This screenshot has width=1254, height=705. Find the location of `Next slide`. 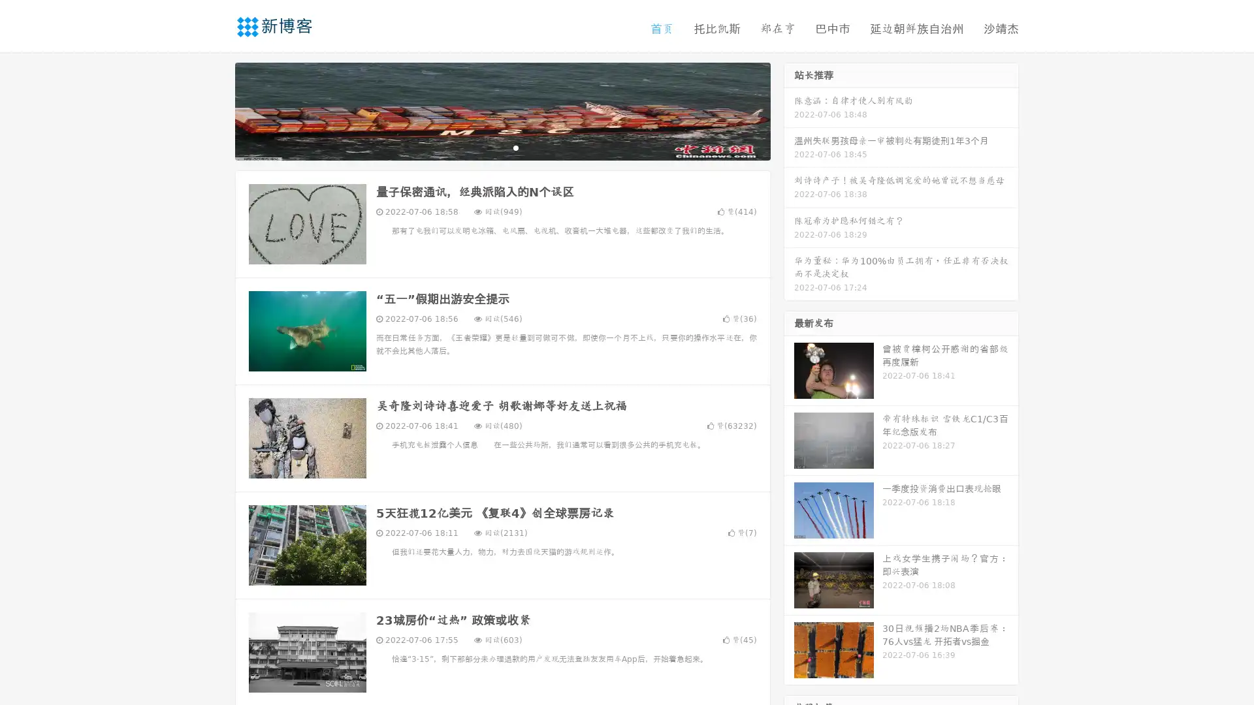

Next slide is located at coordinates (789, 110).